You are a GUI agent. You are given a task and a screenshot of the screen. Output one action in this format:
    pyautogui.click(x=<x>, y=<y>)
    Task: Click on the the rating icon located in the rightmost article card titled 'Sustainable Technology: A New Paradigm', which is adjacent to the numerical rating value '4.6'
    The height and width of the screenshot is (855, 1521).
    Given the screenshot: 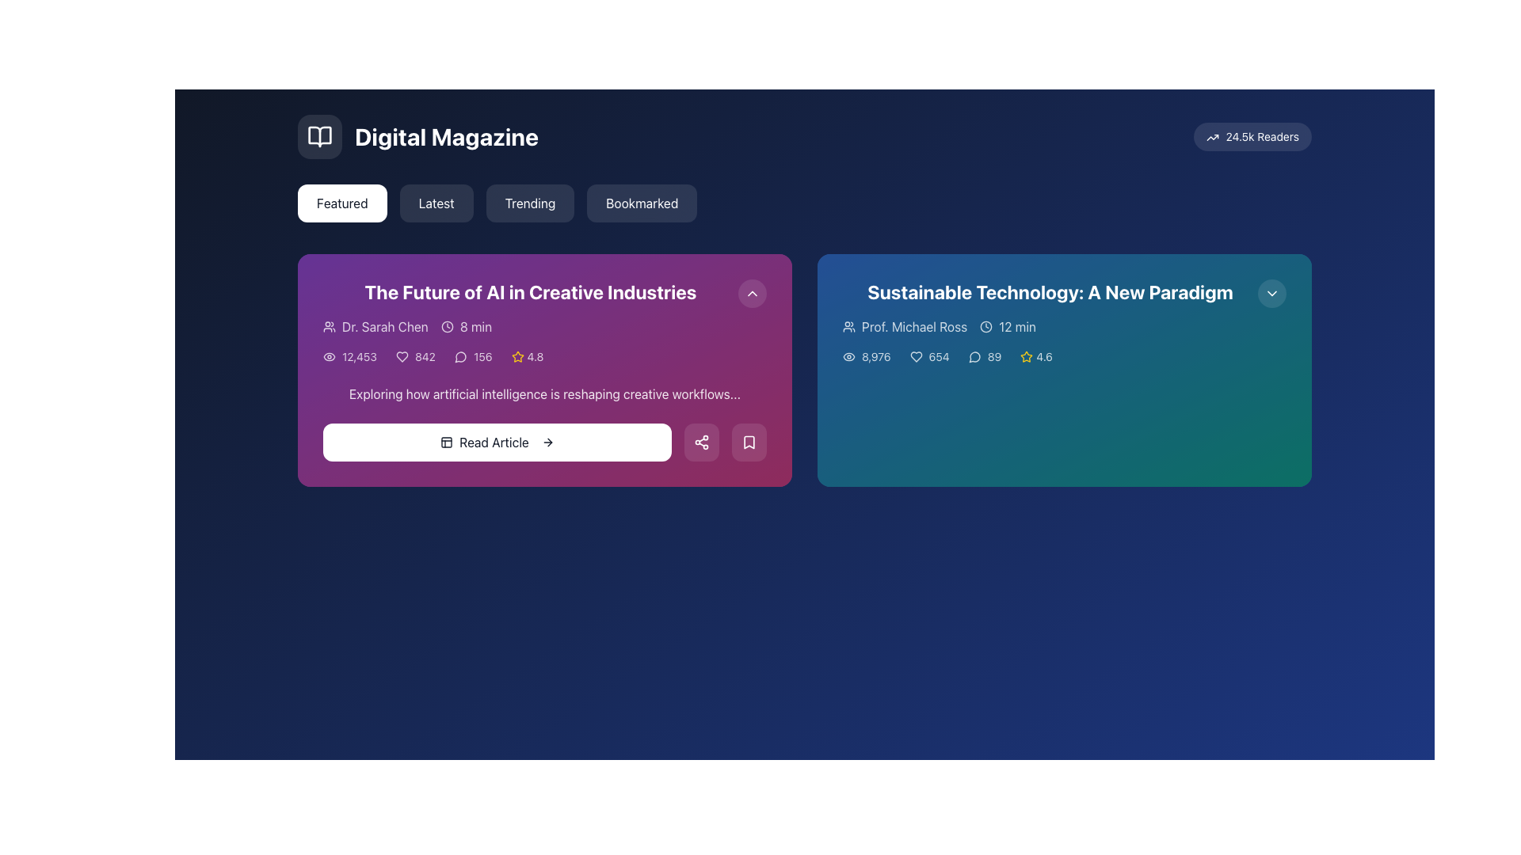 What is the action you would take?
    pyautogui.click(x=1027, y=357)
    